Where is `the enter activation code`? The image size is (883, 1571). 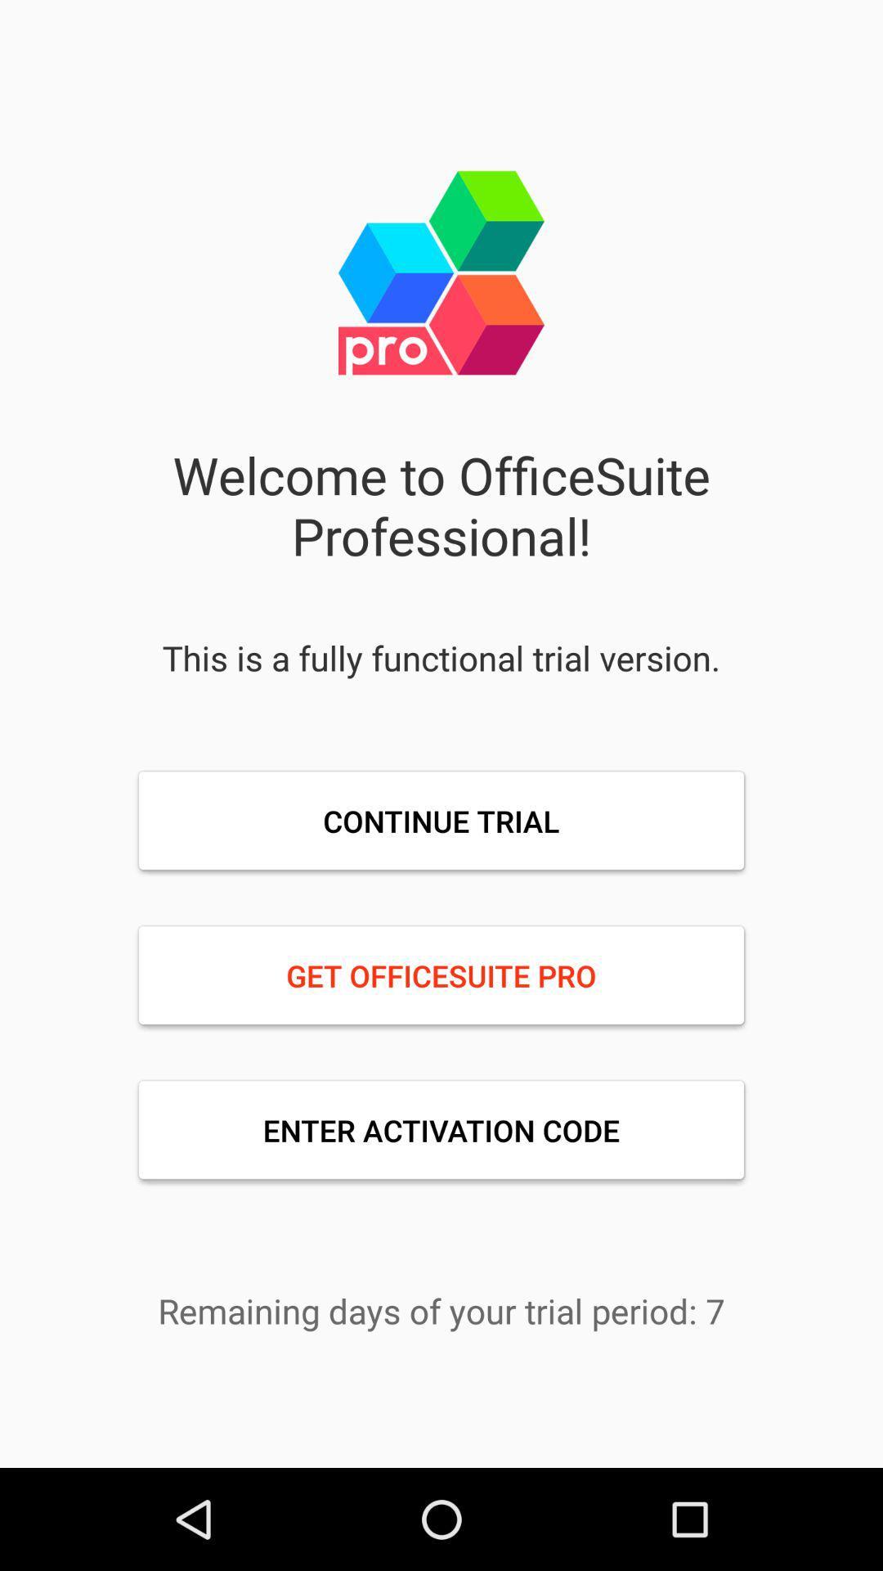
the enter activation code is located at coordinates (441, 1129).